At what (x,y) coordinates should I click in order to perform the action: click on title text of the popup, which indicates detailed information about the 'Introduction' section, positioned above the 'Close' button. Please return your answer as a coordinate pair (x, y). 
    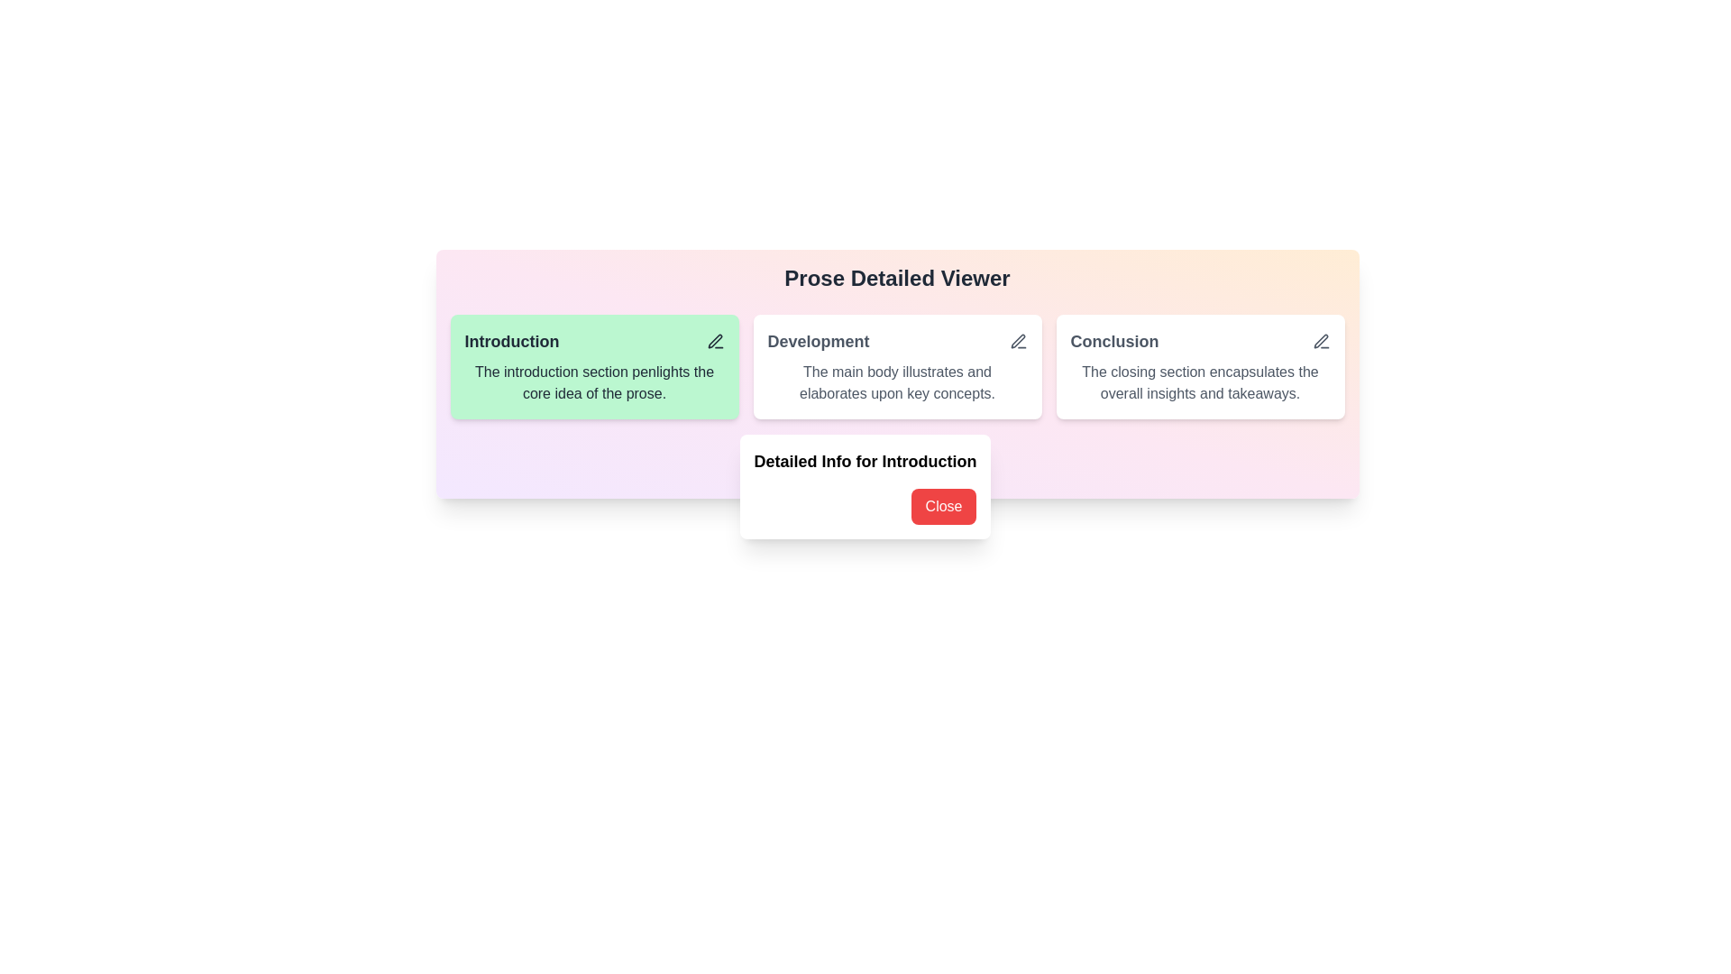
    Looking at the image, I should click on (865, 461).